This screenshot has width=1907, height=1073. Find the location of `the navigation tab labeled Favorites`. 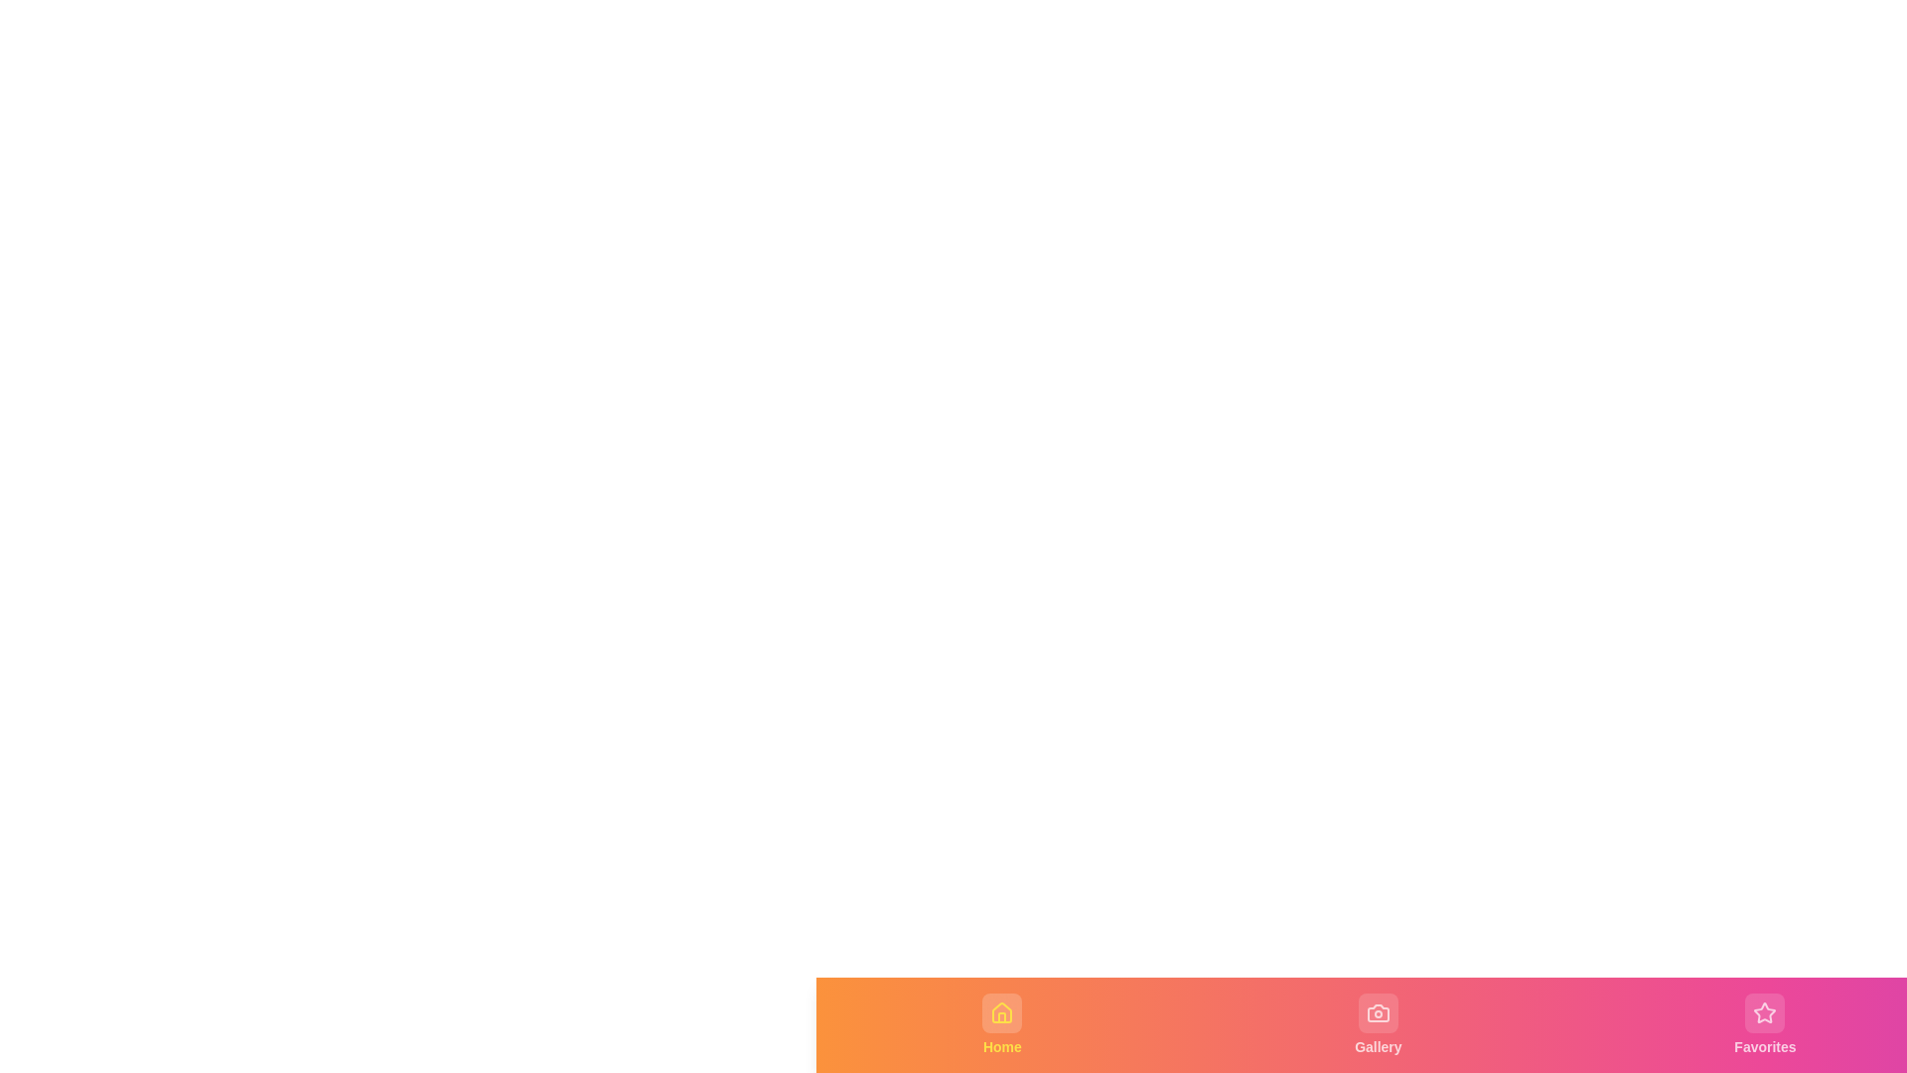

the navigation tab labeled Favorites is located at coordinates (1765, 1025).